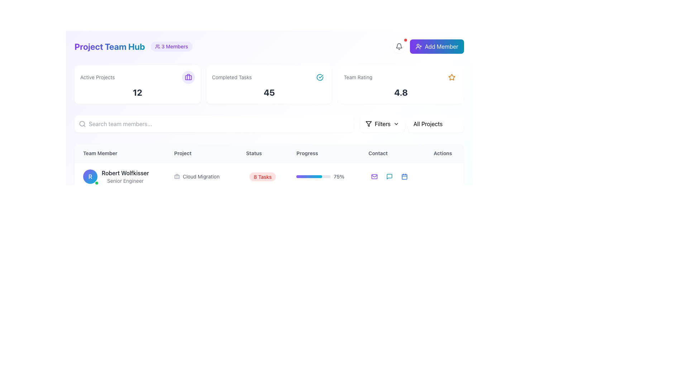 The image size is (688, 387). Describe the element at coordinates (262, 177) in the screenshot. I see `the badge with rounded corners and red background that displays '8 Tasks' in the 'Status' column for the team member 'Robert Wolfkisser'` at that location.